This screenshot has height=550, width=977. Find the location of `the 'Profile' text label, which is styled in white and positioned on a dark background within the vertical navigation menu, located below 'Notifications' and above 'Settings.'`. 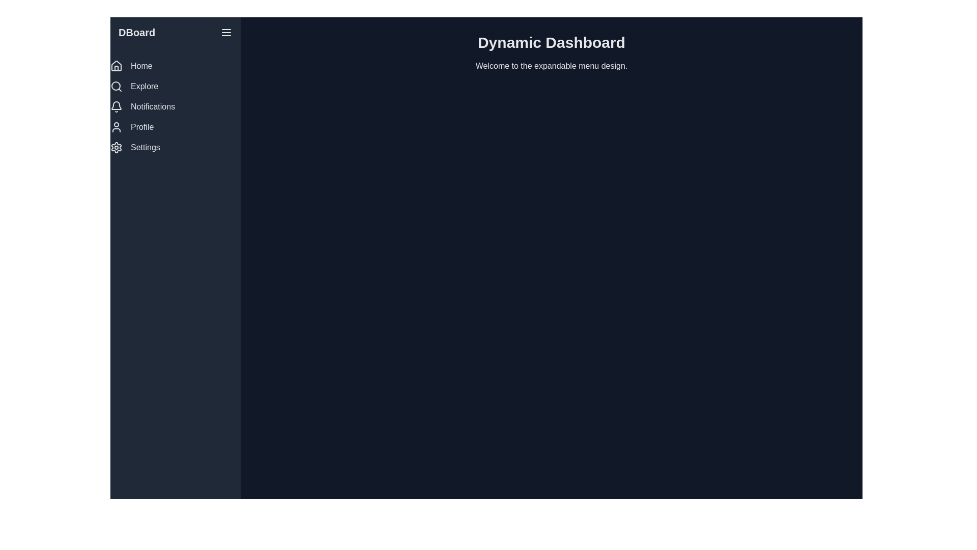

the 'Profile' text label, which is styled in white and positioned on a dark background within the vertical navigation menu, located below 'Notifications' and above 'Settings.' is located at coordinates (141, 127).